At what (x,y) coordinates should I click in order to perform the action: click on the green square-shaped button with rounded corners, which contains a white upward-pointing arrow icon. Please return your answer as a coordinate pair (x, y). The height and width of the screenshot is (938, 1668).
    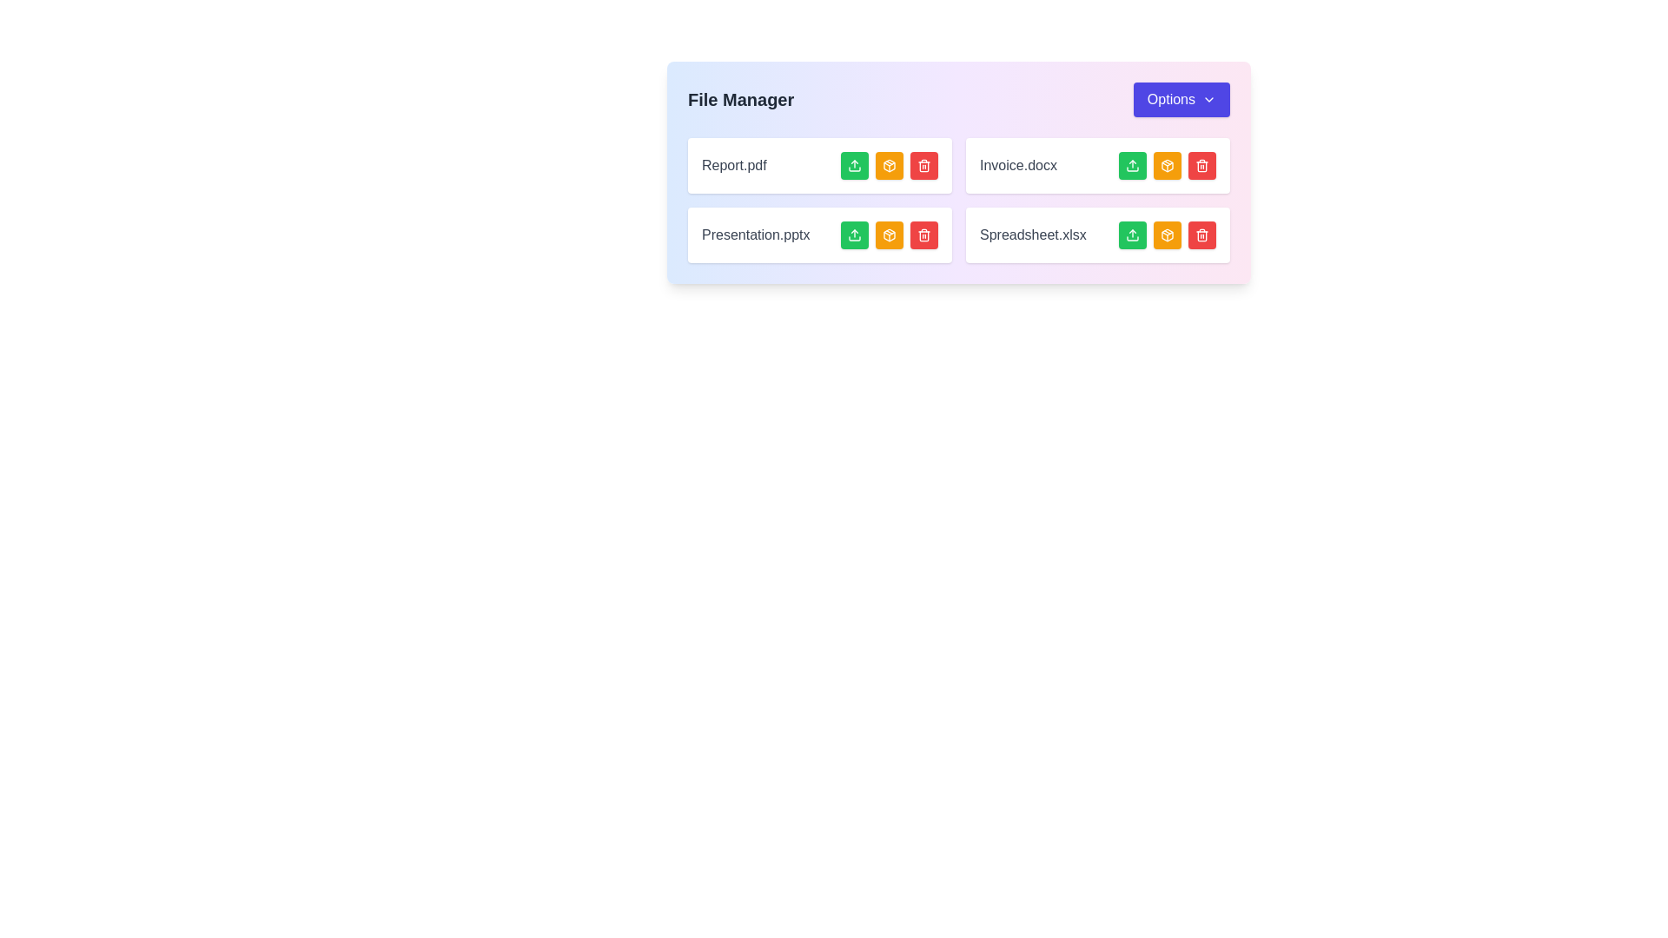
    Looking at the image, I should click on (854, 234).